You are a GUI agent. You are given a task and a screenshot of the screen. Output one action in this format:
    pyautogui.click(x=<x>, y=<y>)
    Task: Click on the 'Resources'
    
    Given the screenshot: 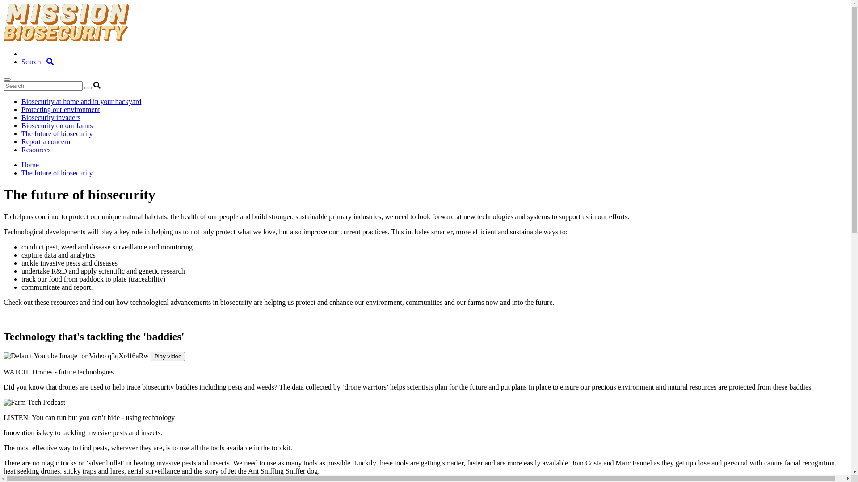 What is the action you would take?
    pyautogui.click(x=36, y=54)
    